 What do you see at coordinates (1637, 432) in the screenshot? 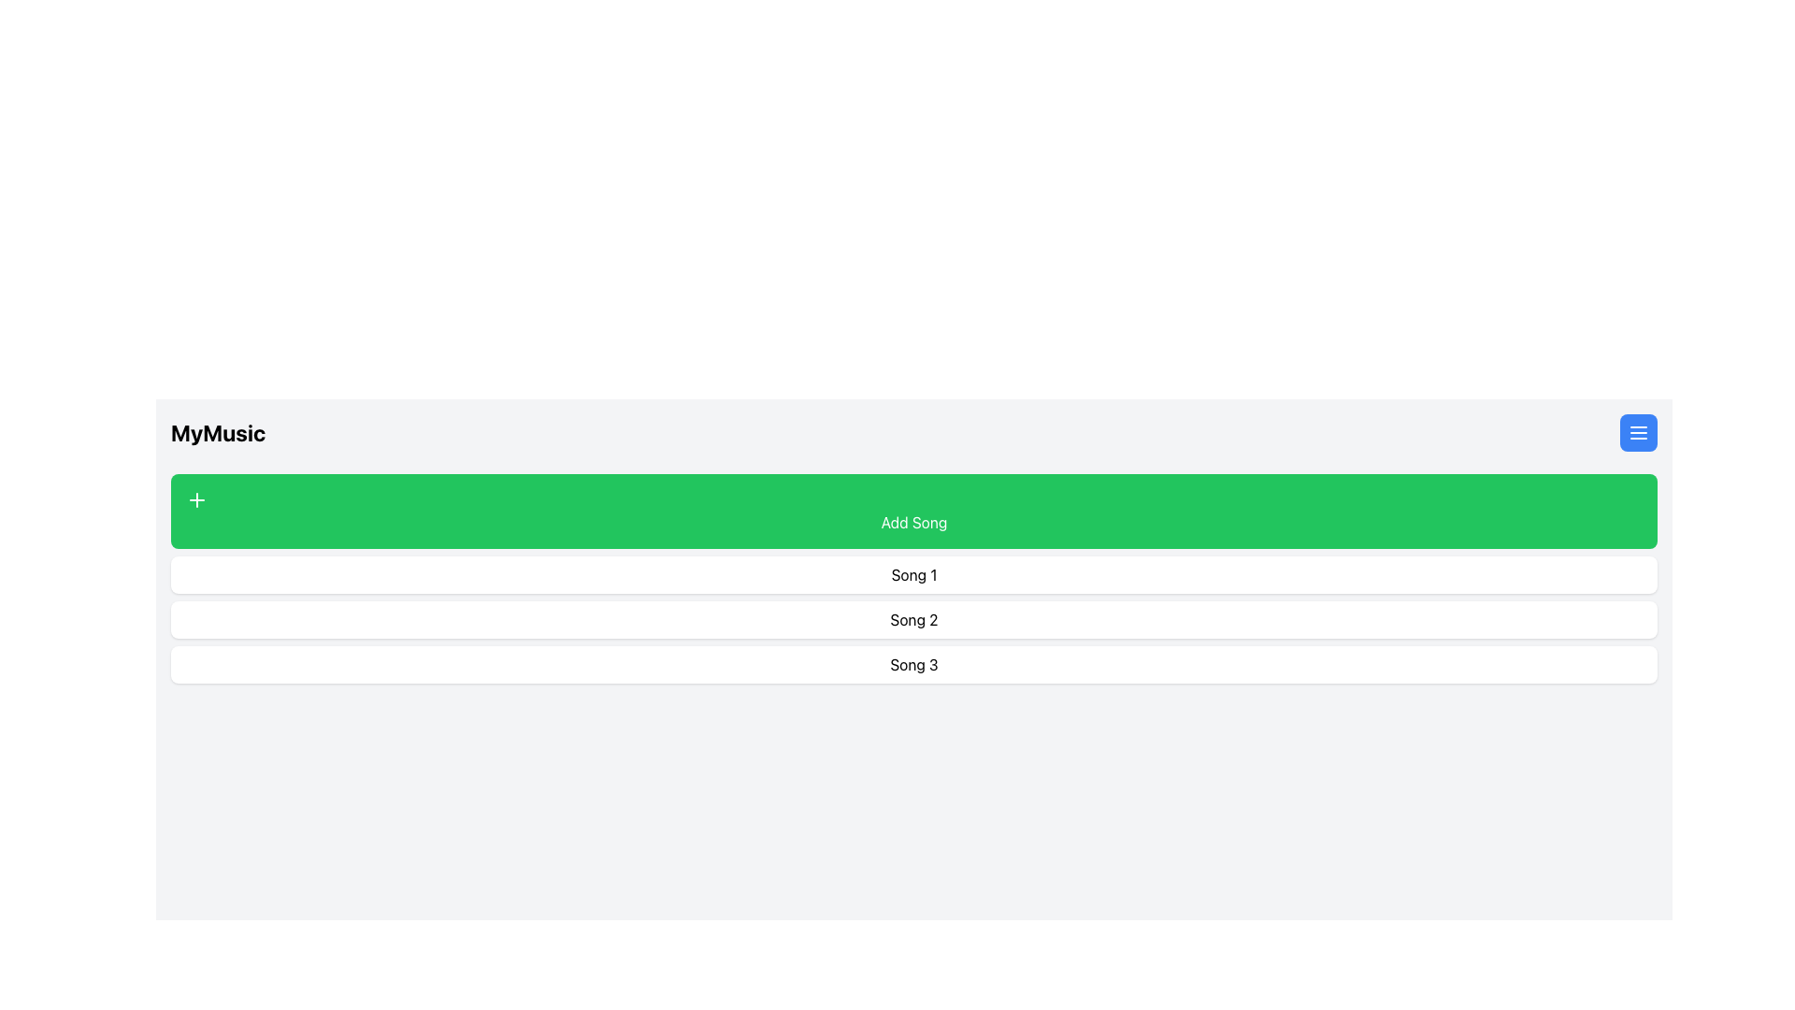
I see `the blue rounded rectangular button containing the white icon of three horizontal lines in the top-right corner` at bounding box center [1637, 432].